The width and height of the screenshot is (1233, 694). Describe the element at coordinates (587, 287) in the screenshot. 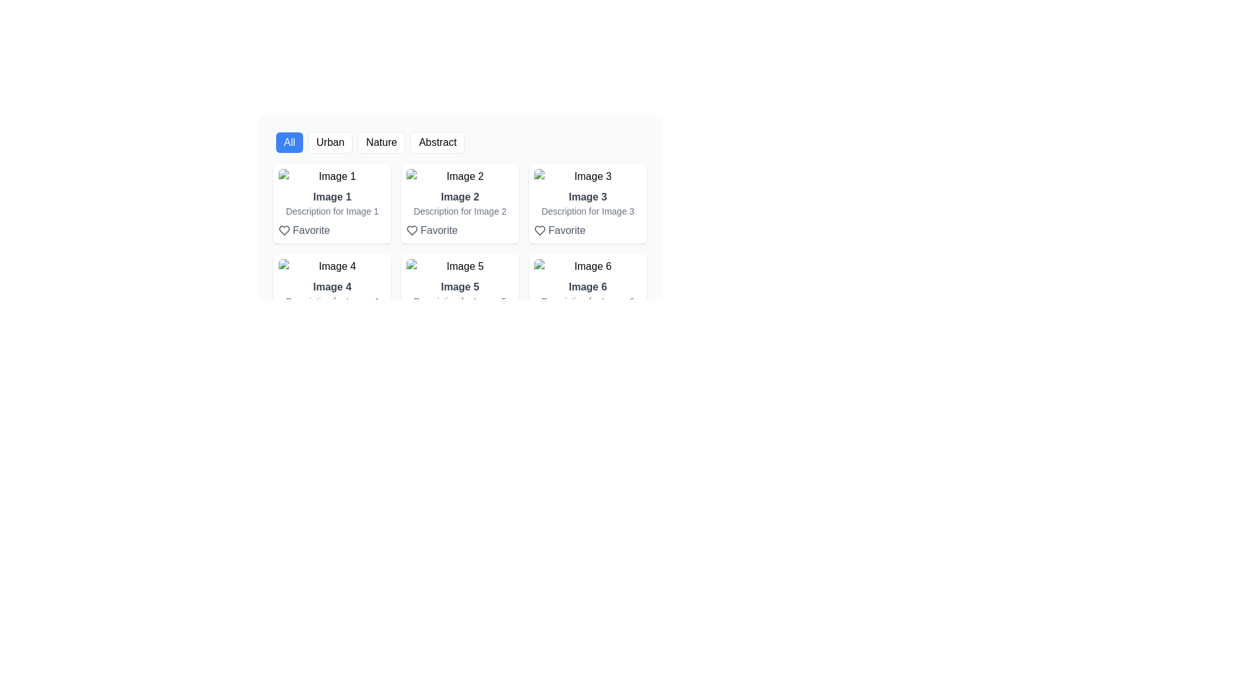

I see `the text label representing the title or name of the image located in the sixth card of the grid layout, which is the second line of text below the image thumbnail` at that location.